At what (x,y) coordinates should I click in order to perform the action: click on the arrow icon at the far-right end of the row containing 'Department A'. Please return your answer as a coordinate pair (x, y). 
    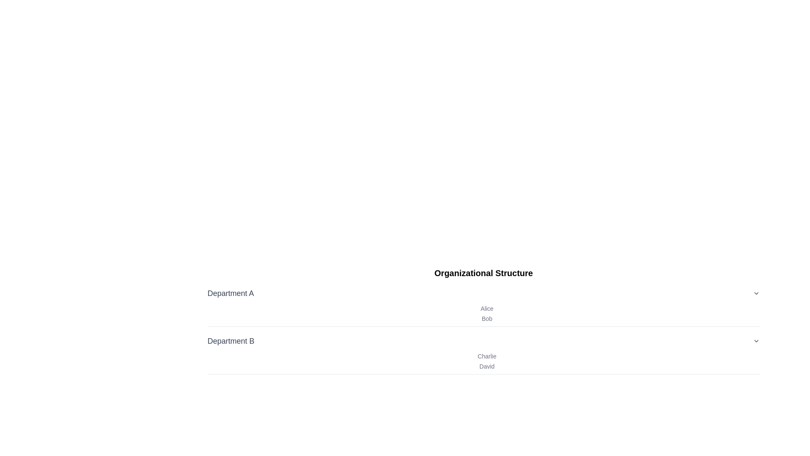
    Looking at the image, I should click on (756, 293).